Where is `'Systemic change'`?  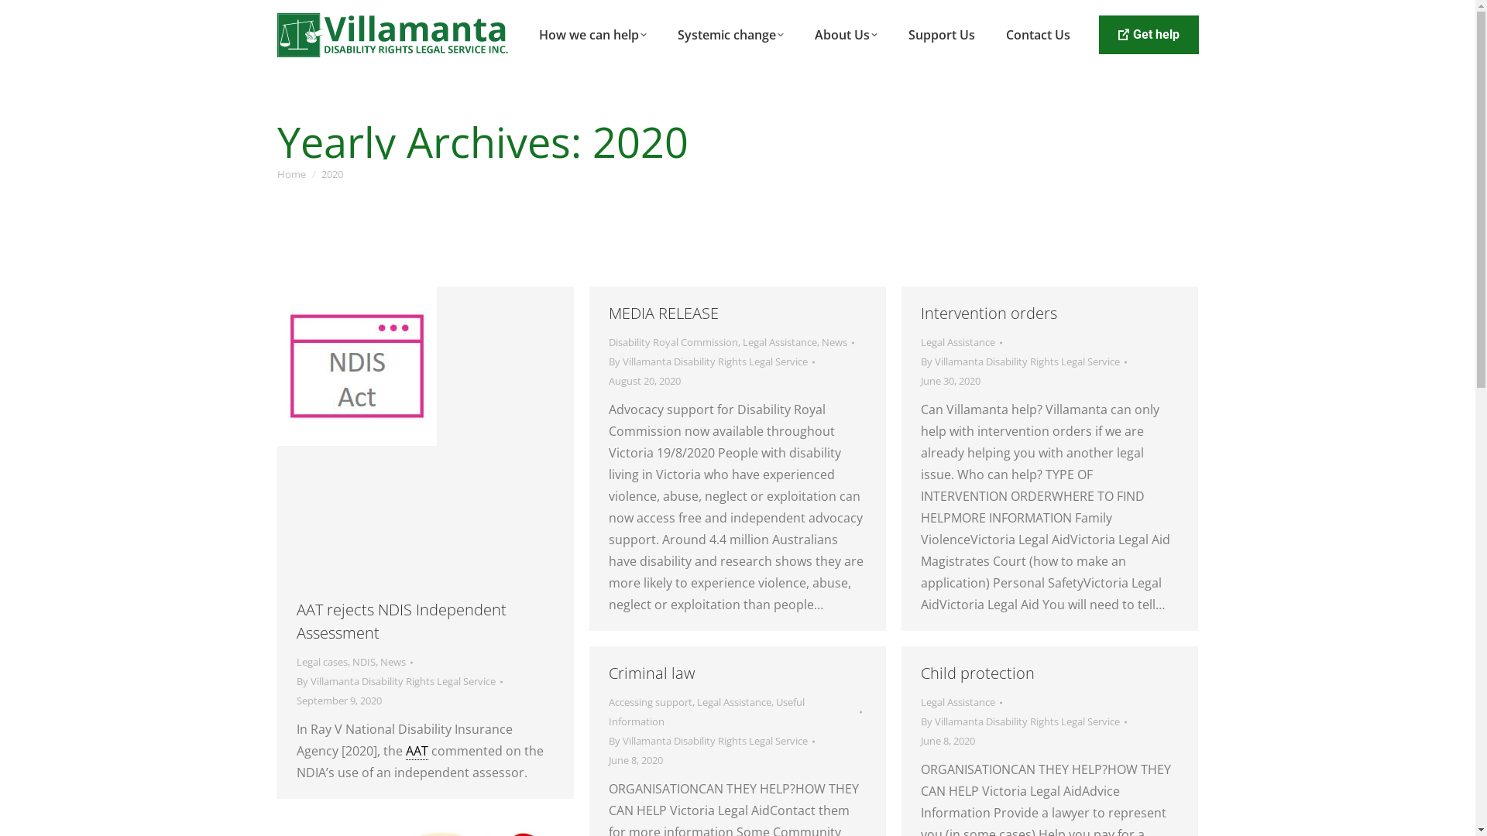 'Systemic change' is located at coordinates (730, 35).